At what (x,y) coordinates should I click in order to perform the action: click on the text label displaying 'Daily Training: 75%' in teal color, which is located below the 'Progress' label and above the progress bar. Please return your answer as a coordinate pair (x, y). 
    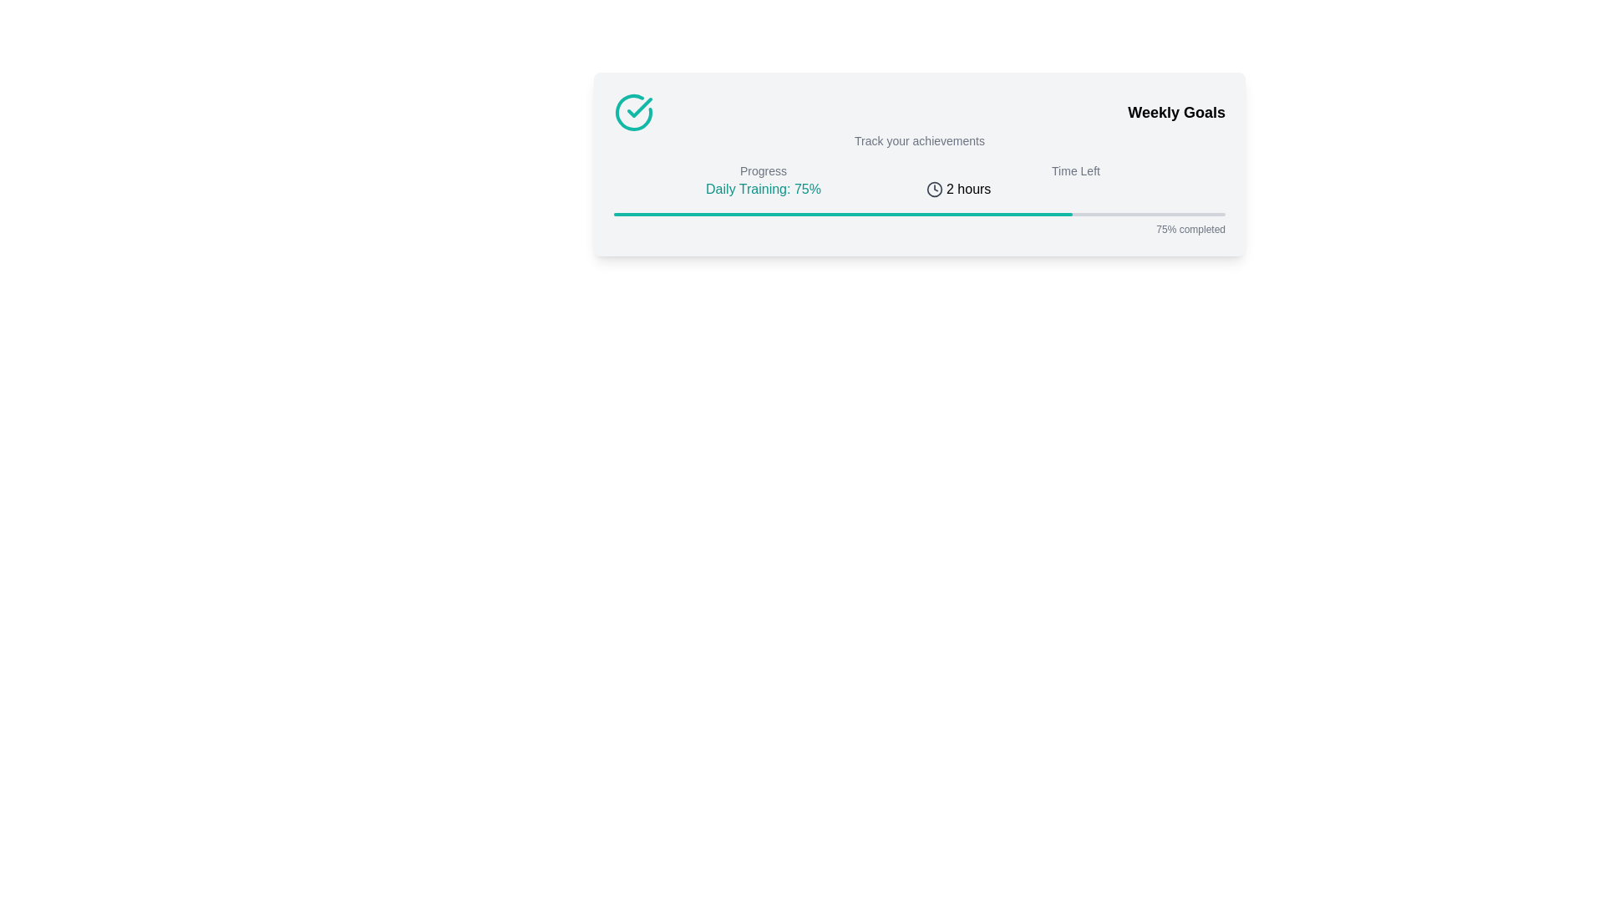
    Looking at the image, I should click on (762, 189).